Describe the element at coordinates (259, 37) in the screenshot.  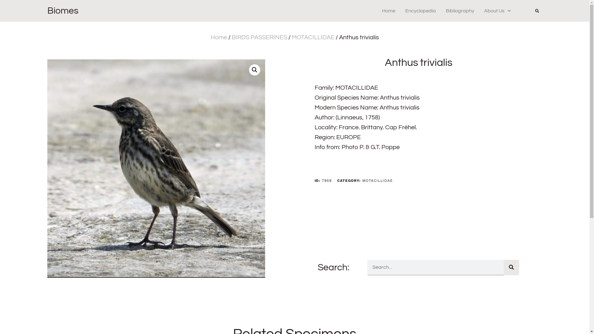
I see `'BIRDS PASSERINES'` at that location.